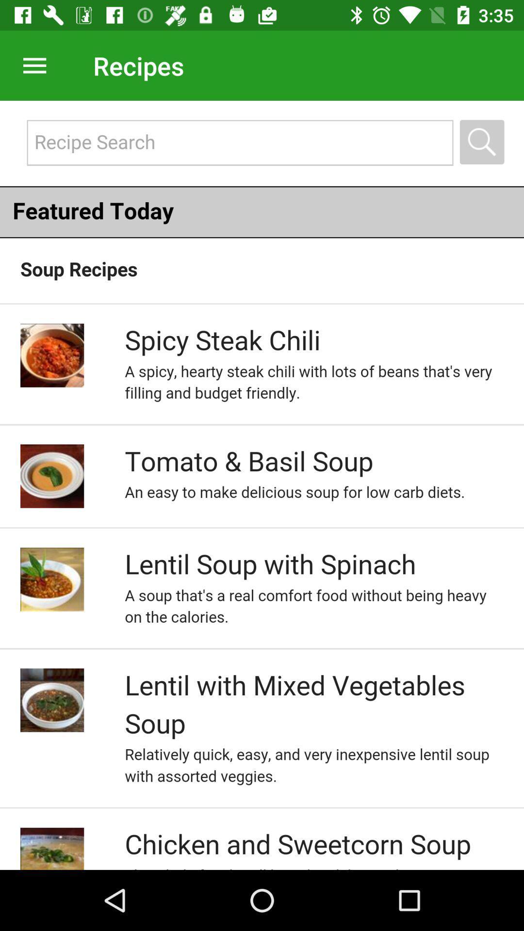  Describe the element at coordinates (31, 65) in the screenshot. I see `menu pega` at that location.